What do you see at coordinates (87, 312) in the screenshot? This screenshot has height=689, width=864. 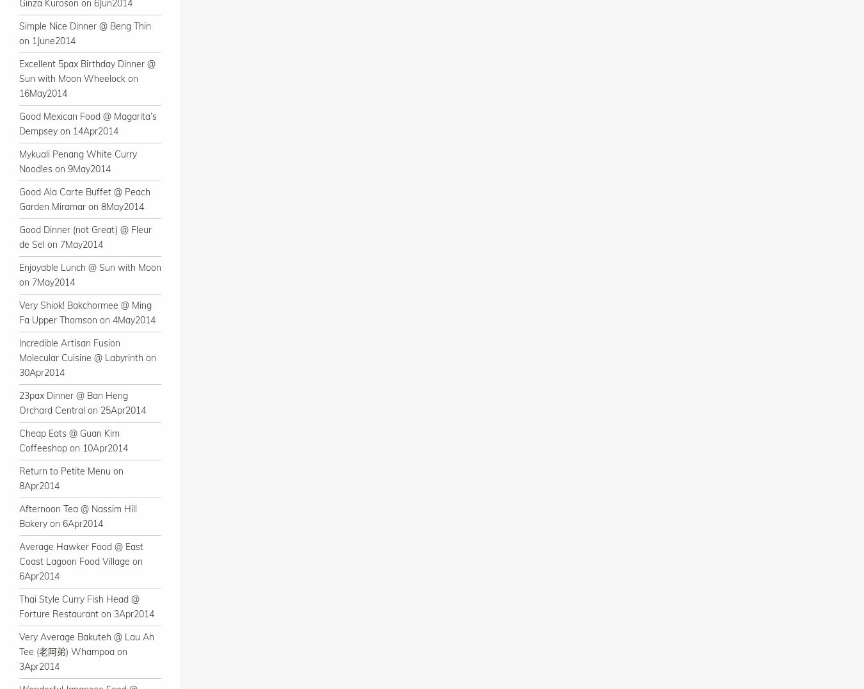 I see `'Very Shiok! Bakchormee @ Ming Fa Upper Thomson on 4May2014'` at bounding box center [87, 312].